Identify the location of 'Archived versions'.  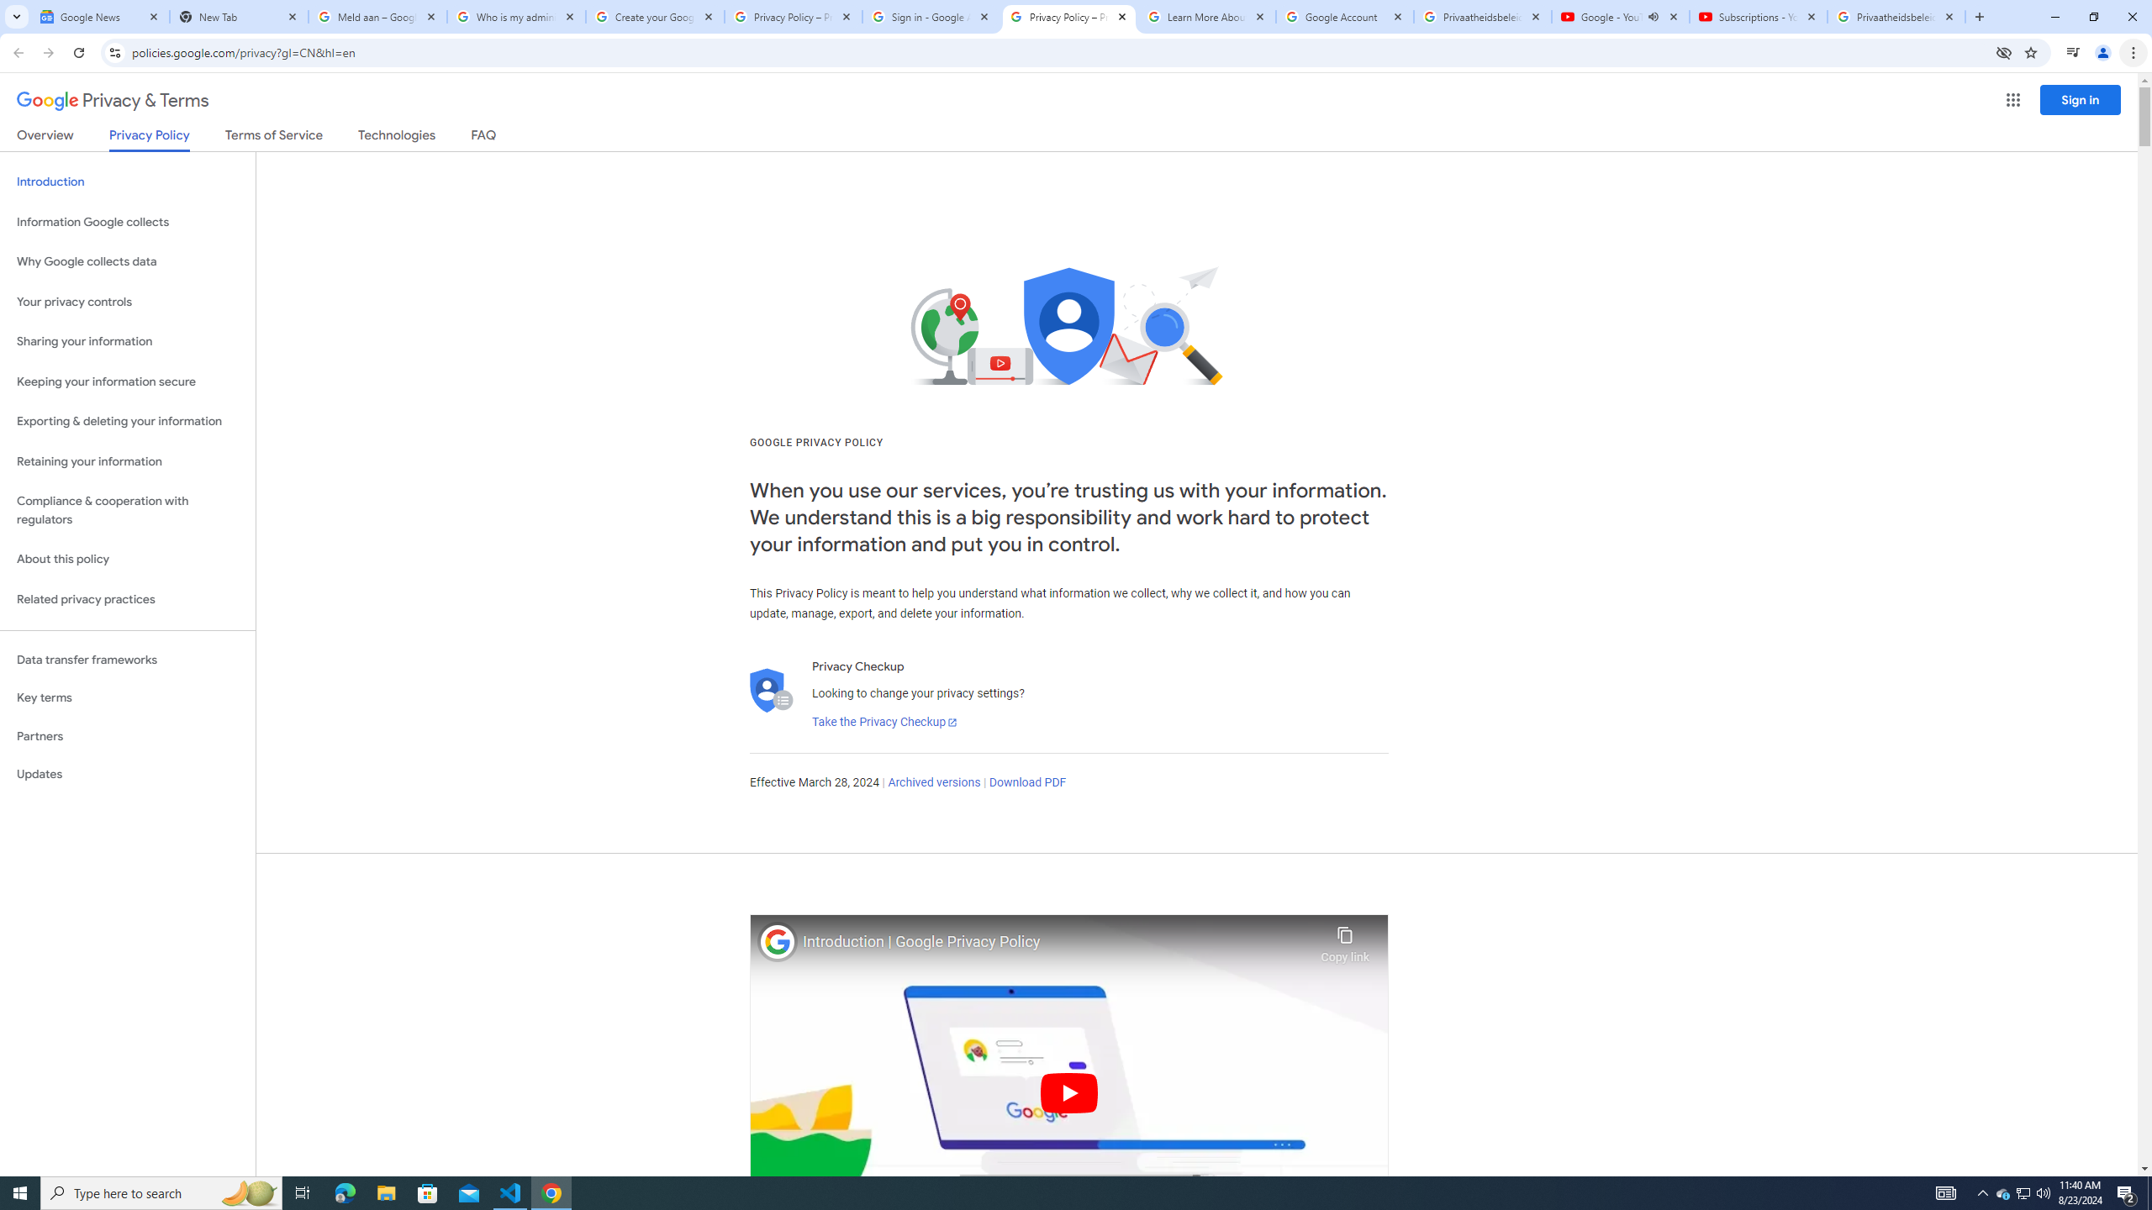
(933, 781).